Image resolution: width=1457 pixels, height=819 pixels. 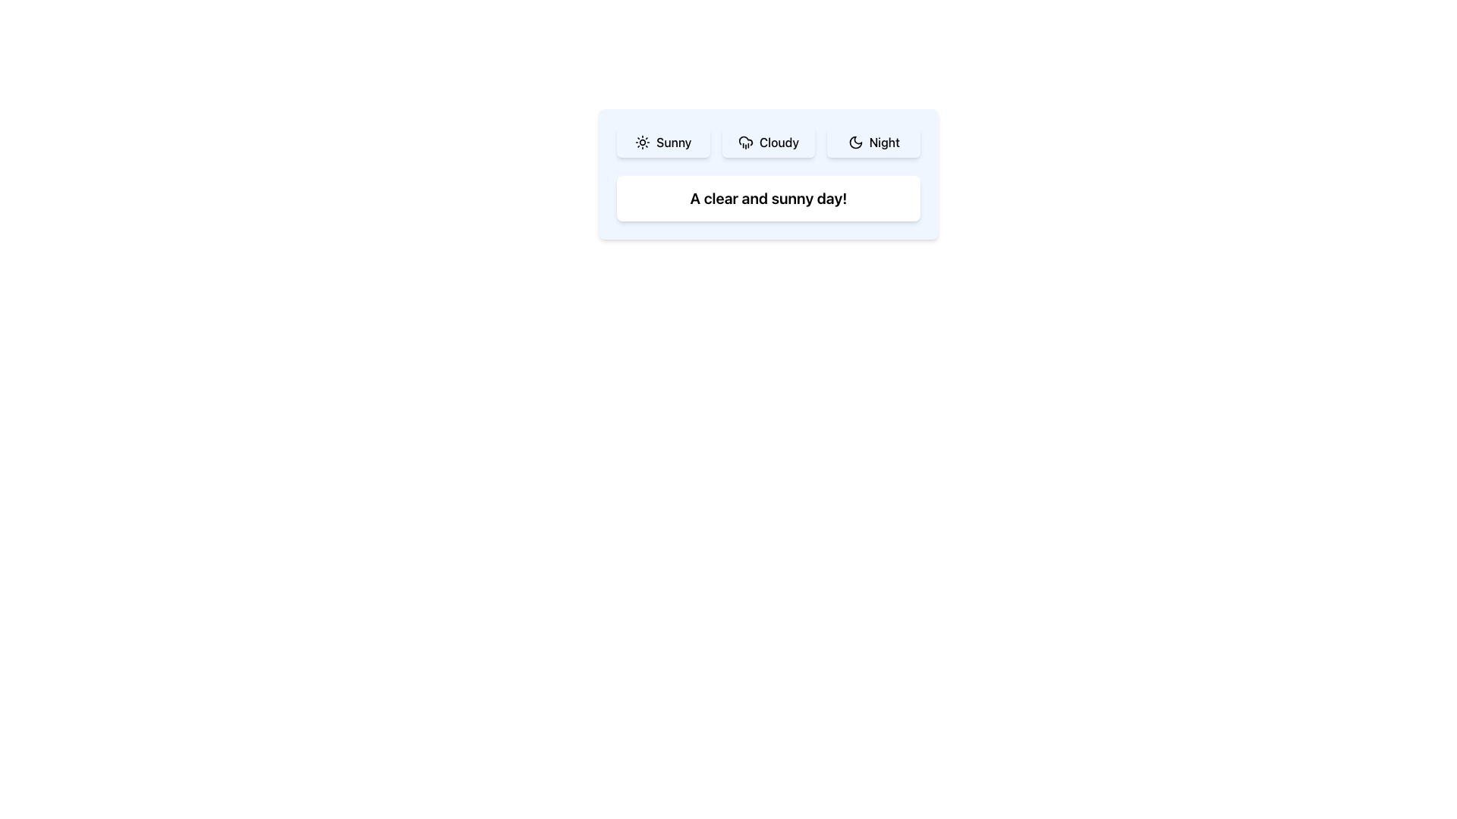 I want to click on the 'Night' mode label, which is part of the rightmost button in a group of three buttons labeled 'Cloudy', 'Sunny', and 'Night', so click(x=884, y=143).